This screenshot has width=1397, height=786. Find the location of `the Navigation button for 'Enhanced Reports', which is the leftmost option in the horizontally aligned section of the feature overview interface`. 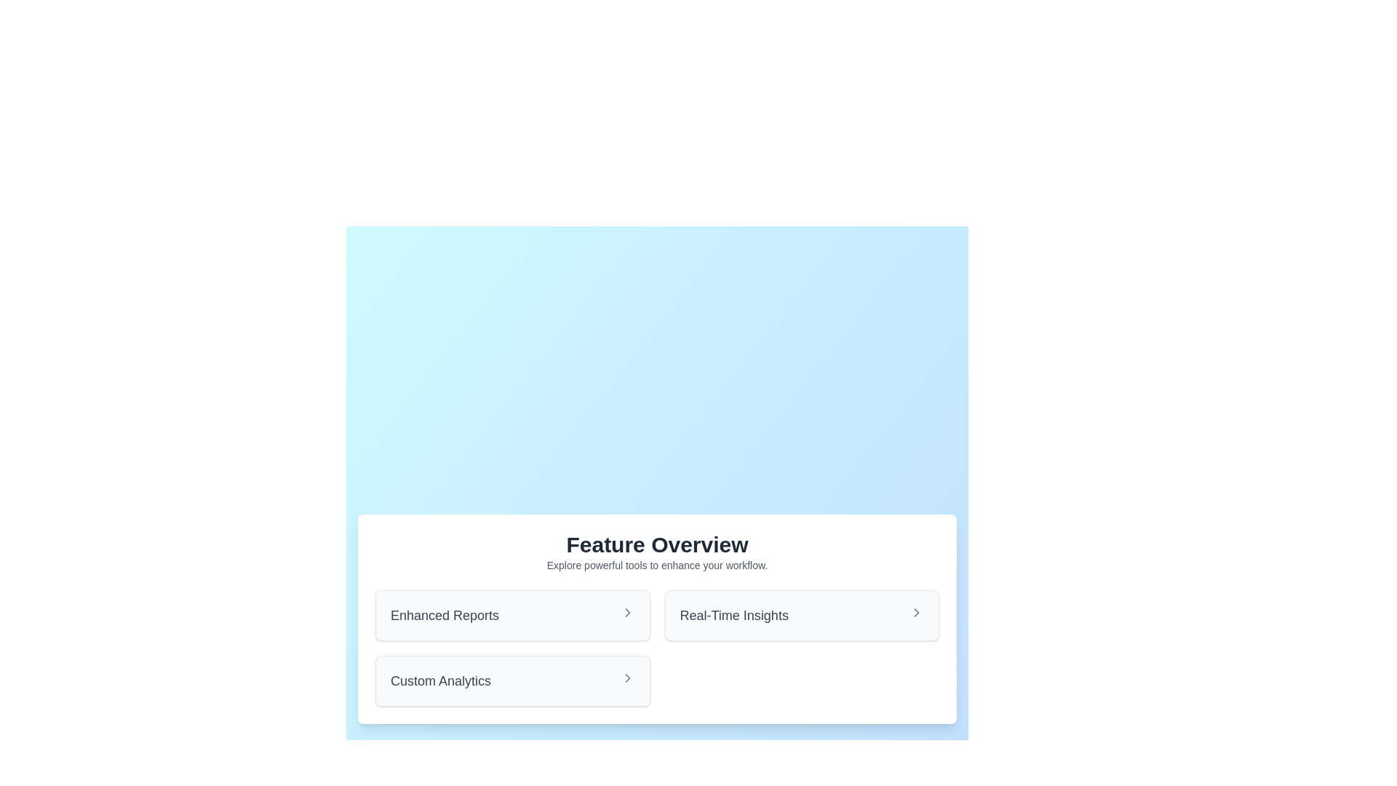

the Navigation button for 'Enhanced Reports', which is the leftmost option in the horizontally aligned section of the feature overview interface is located at coordinates (512, 615).